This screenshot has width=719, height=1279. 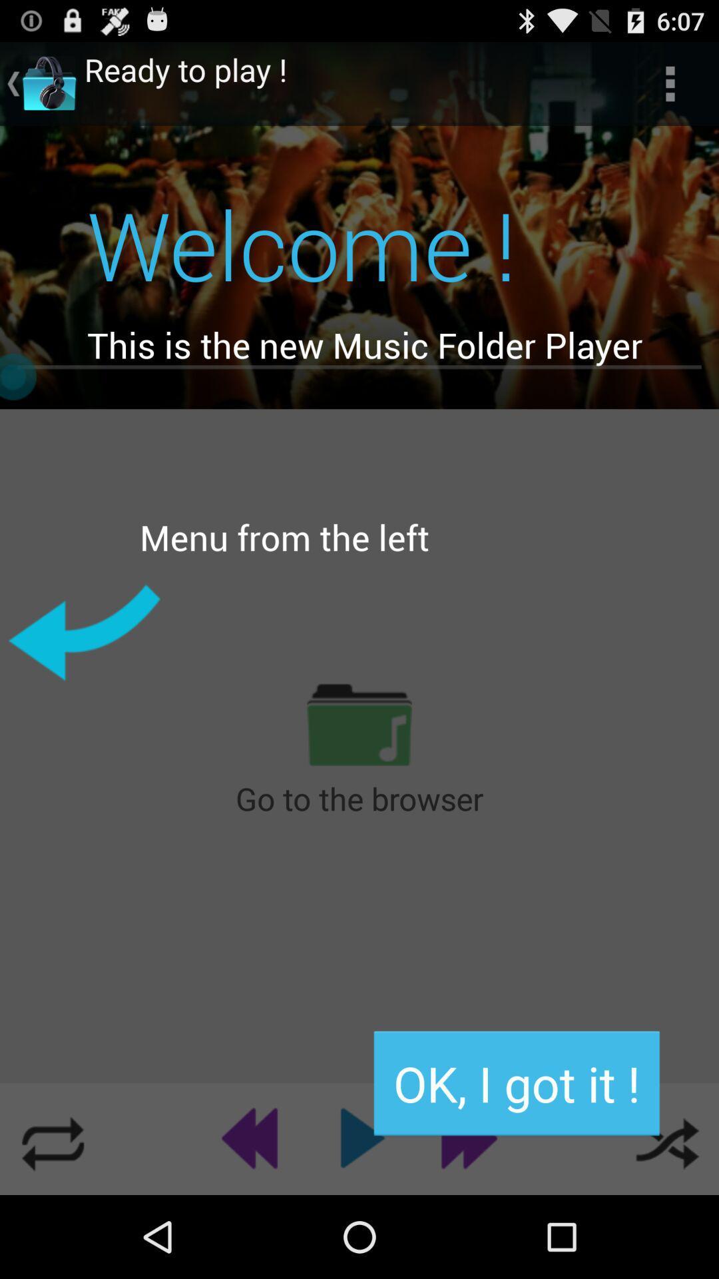 I want to click on the folder icon, so click(x=359, y=775).